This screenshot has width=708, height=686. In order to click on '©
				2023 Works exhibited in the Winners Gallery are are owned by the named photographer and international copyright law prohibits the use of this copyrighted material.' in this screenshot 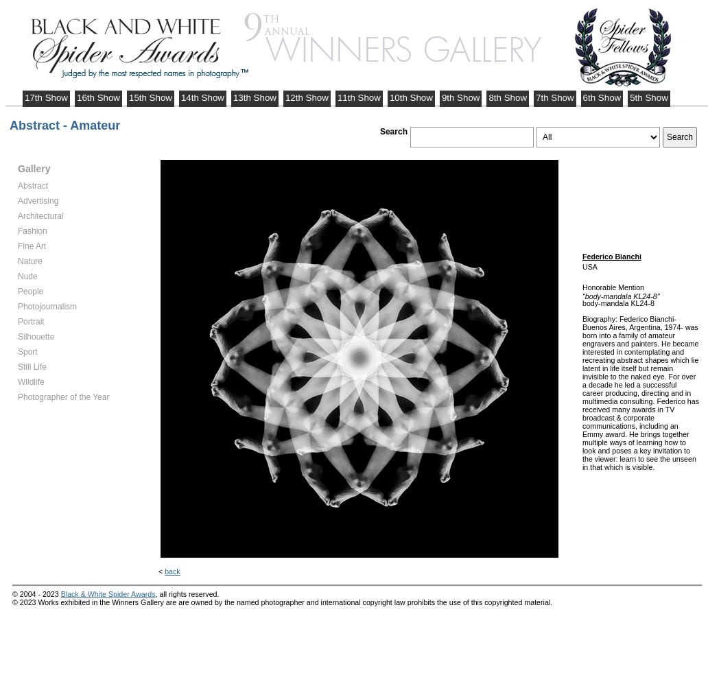, I will do `click(281, 602)`.